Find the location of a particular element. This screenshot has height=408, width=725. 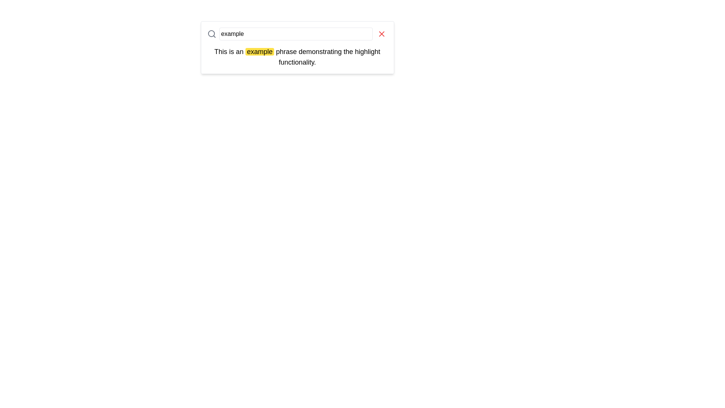

the red 'X' icon located in the top-right corner of the search bar to clear the search bar is located at coordinates (381, 33).